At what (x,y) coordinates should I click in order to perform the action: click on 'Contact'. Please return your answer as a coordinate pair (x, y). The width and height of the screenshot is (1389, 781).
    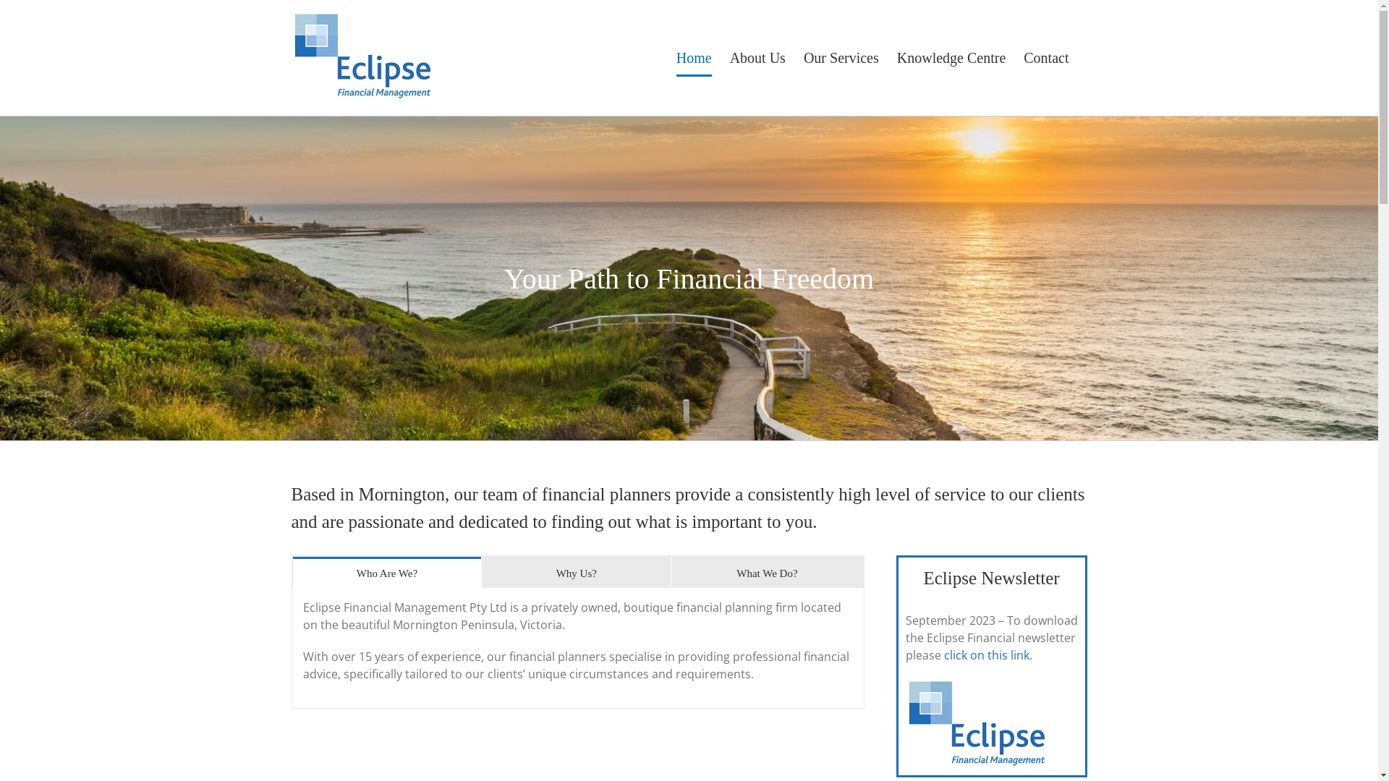
    Looking at the image, I should click on (1045, 57).